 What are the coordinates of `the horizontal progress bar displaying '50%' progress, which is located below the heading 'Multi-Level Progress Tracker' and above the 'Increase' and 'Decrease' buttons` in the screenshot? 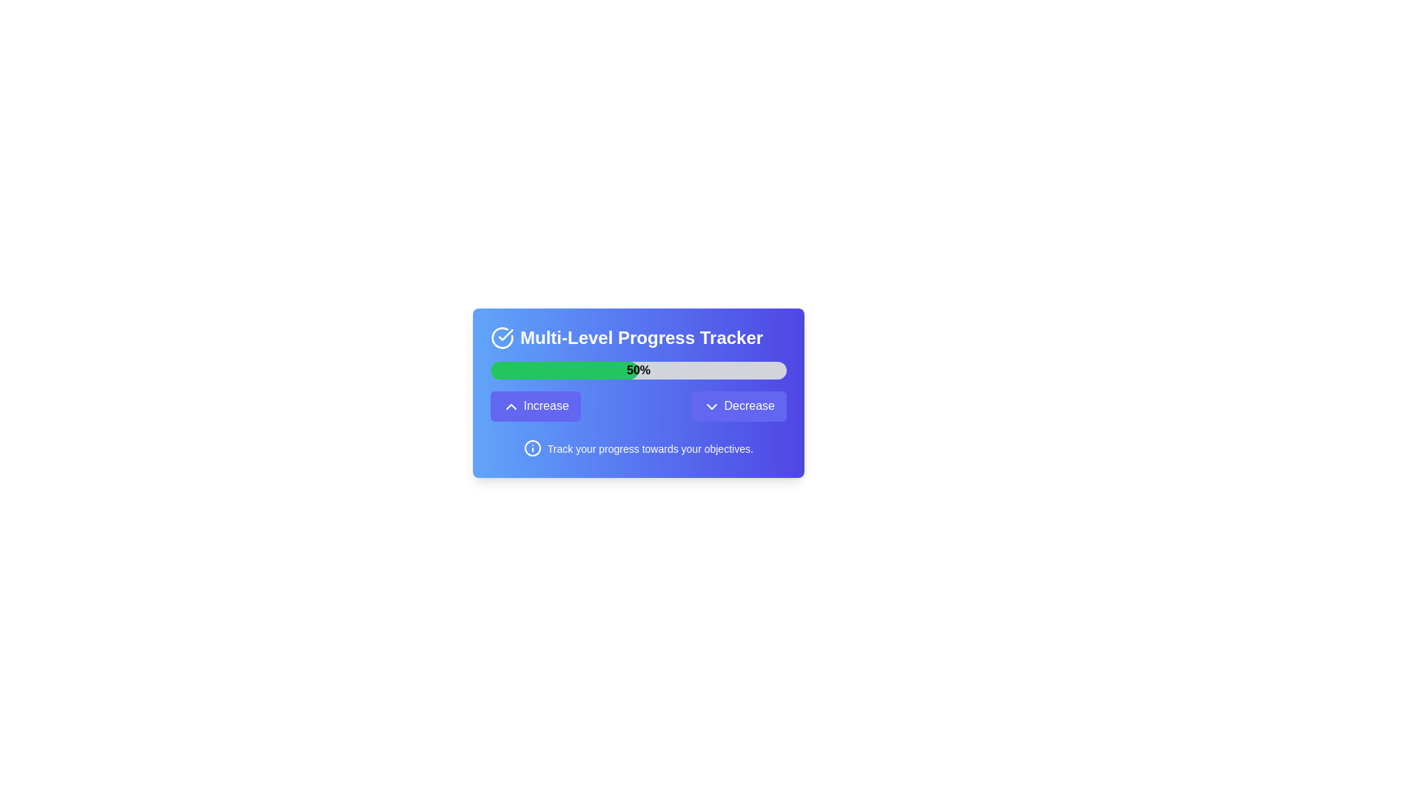 It's located at (639, 370).